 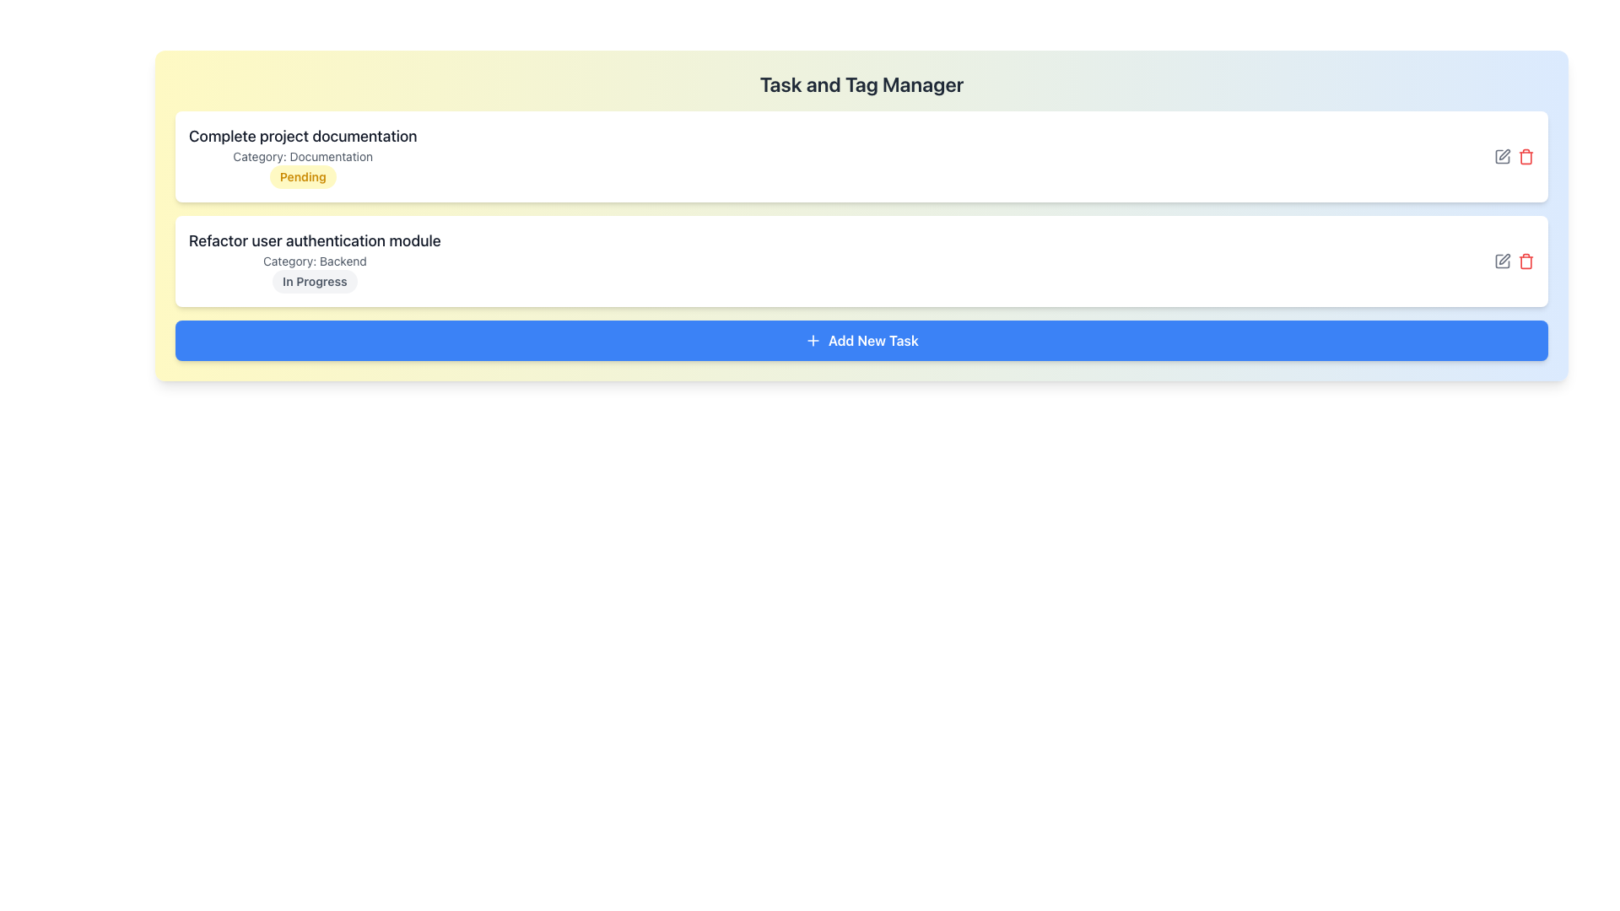 I want to click on the second task item display block in the task manager system to focus on it, so click(x=315, y=261).